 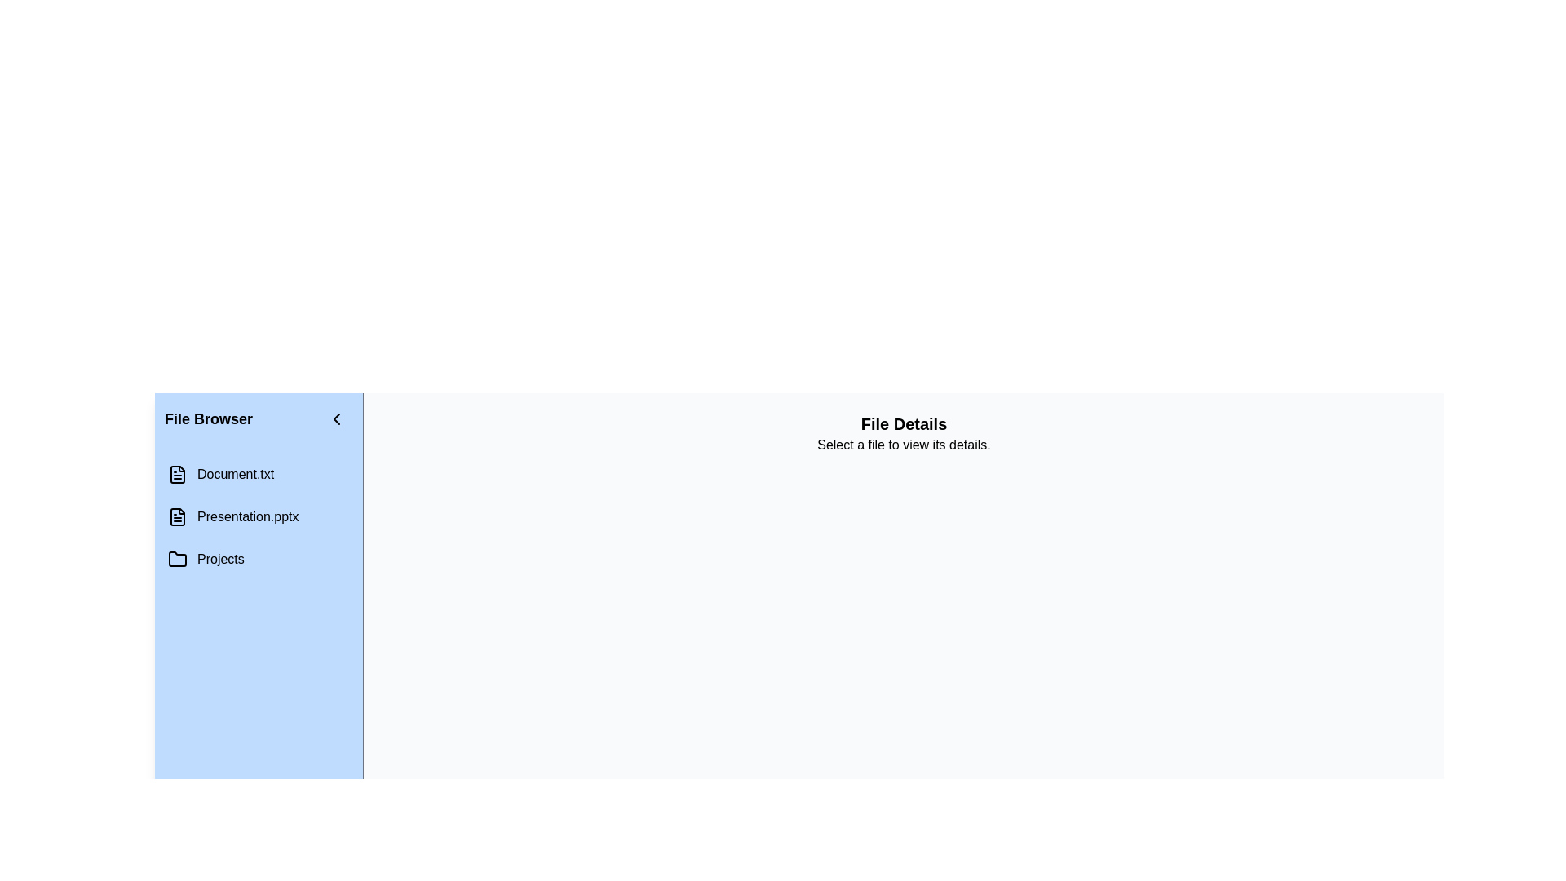 What do you see at coordinates (903, 445) in the screenshot?
I see `text label that states 'Select a file to view its details.' which is located below the header 'File Details'` at bounding box center [903, 445].